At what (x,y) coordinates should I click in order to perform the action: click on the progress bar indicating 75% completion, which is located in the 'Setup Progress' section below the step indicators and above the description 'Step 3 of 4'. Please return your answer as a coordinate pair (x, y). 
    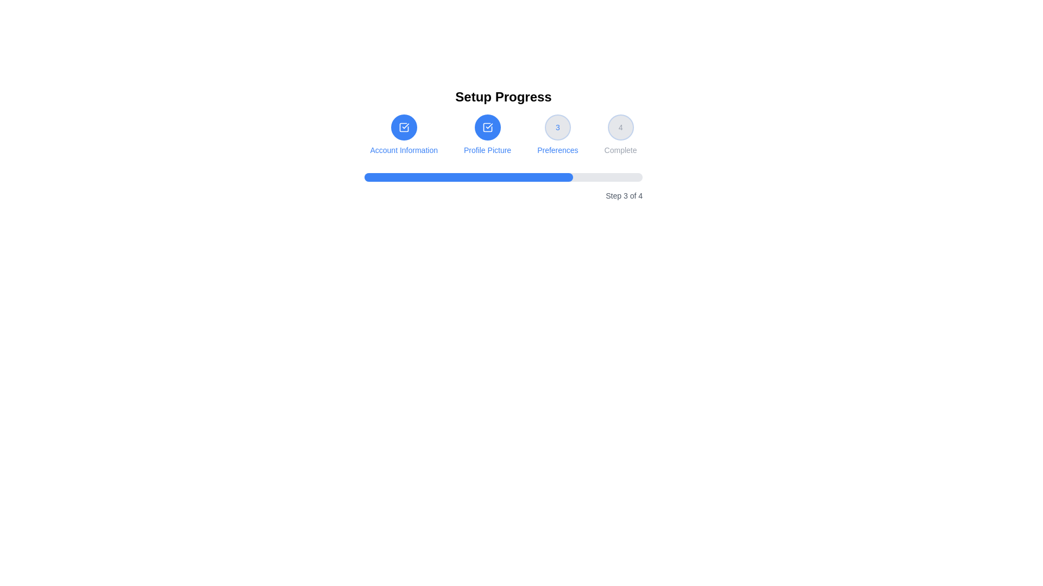
    Looking at the image, I should click on (502, 186).